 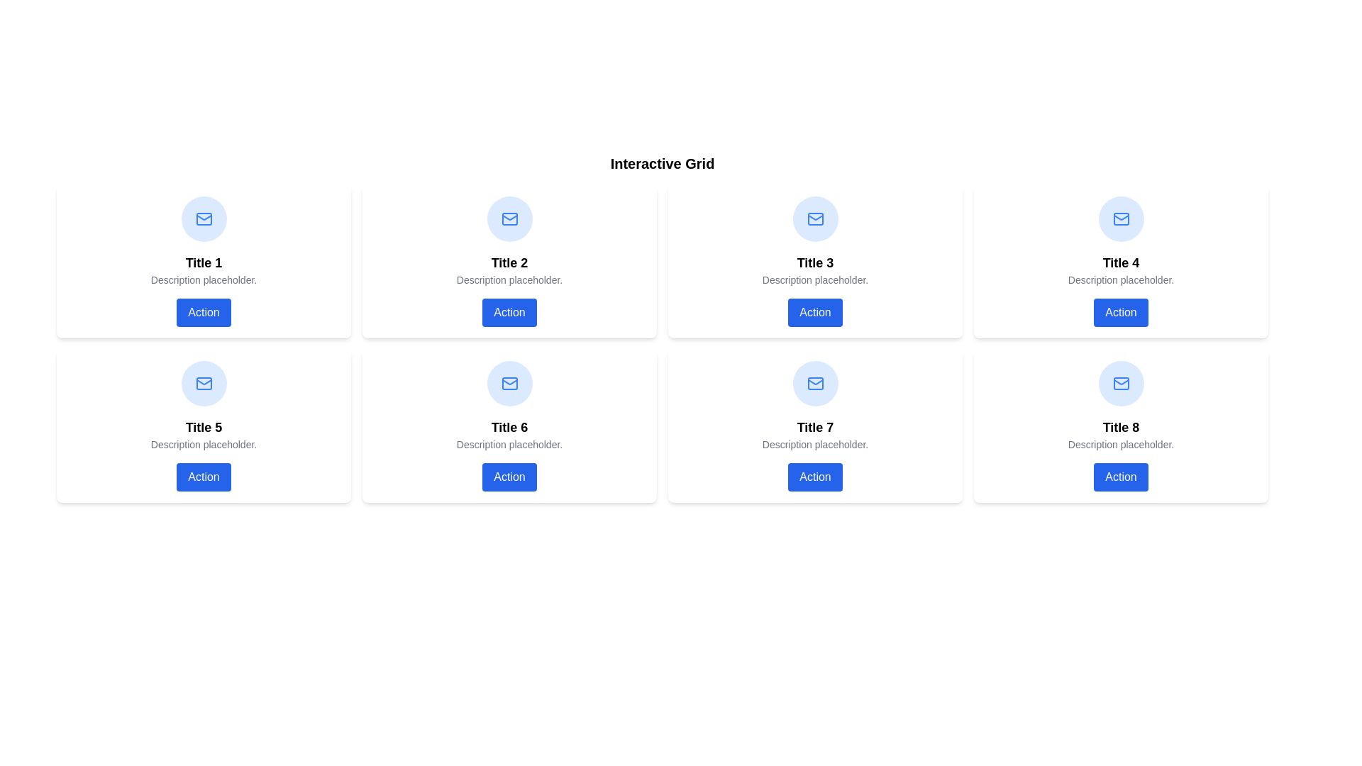 I want to click on the mail or messaging icon located in the upper section of the sixth card in the 'Interactive Grid', above the title 'Title 6', so click(x=509, y=383).